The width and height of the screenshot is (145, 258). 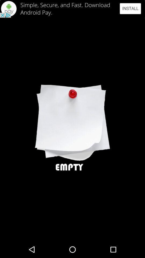 What do you see at coordinates (73, 8) in the screenshot?
I see `open advertisement` at bounding box center [73, 8].